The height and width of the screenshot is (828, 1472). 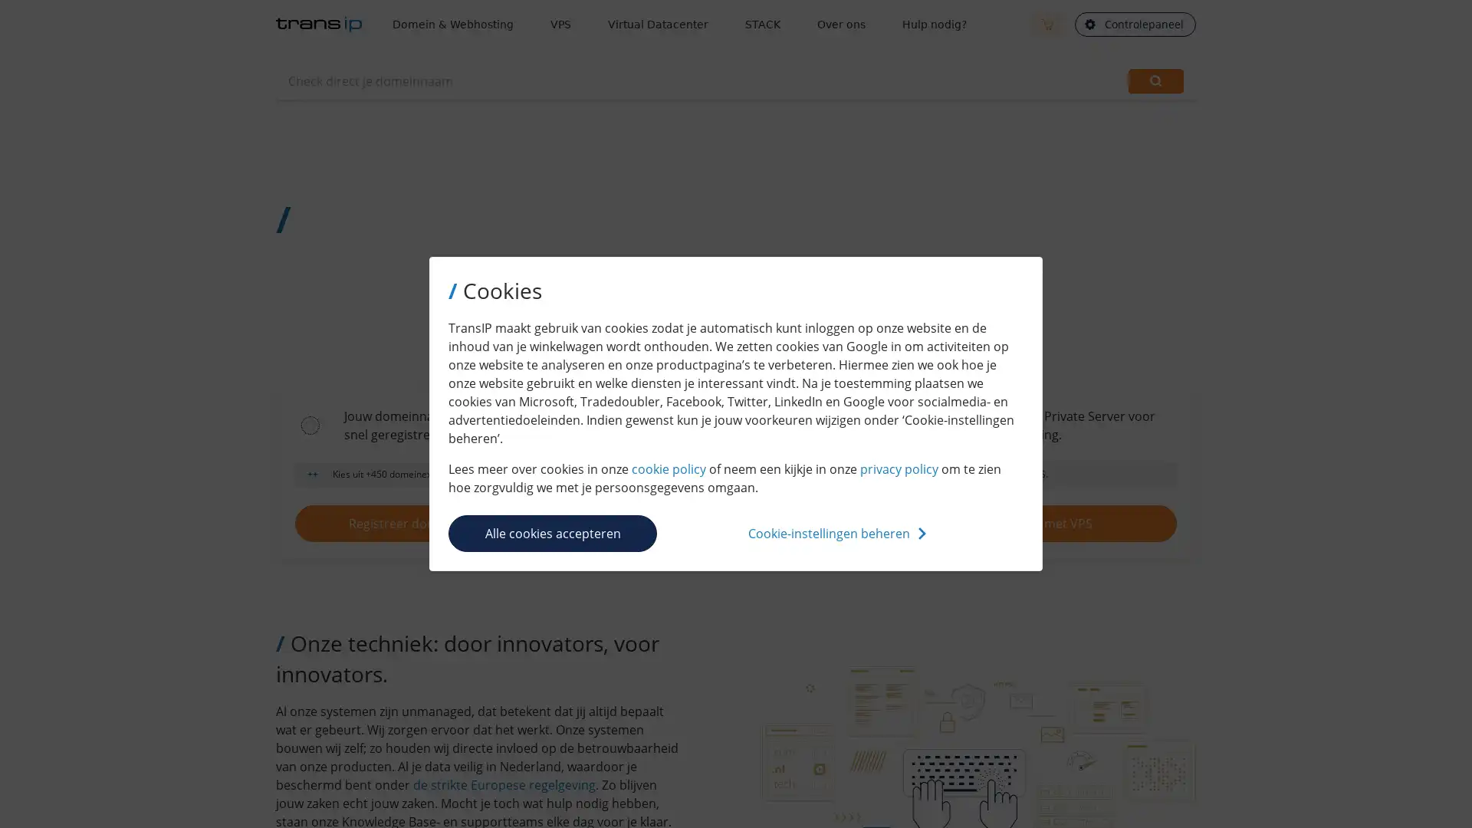 What do you see at coordinates (1079, 80) in the screenshot?
I see `Check meerdere domeinnamen tegelijk` at bounding box center [1079, 80].